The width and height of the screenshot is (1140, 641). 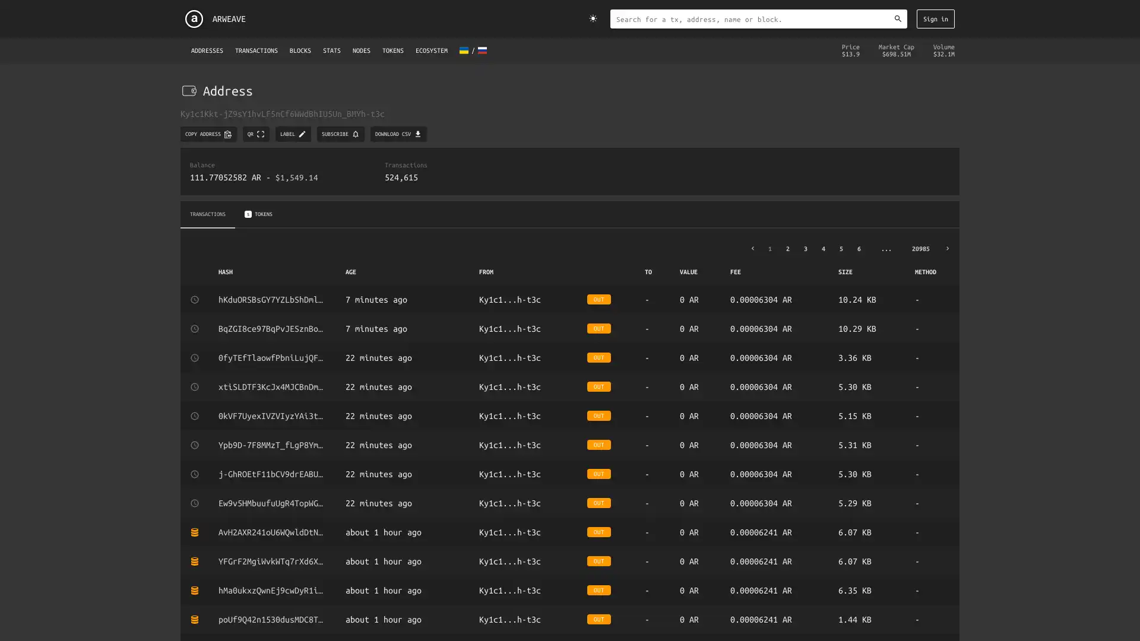 I want to click on ..., so click(x=886, y=247).